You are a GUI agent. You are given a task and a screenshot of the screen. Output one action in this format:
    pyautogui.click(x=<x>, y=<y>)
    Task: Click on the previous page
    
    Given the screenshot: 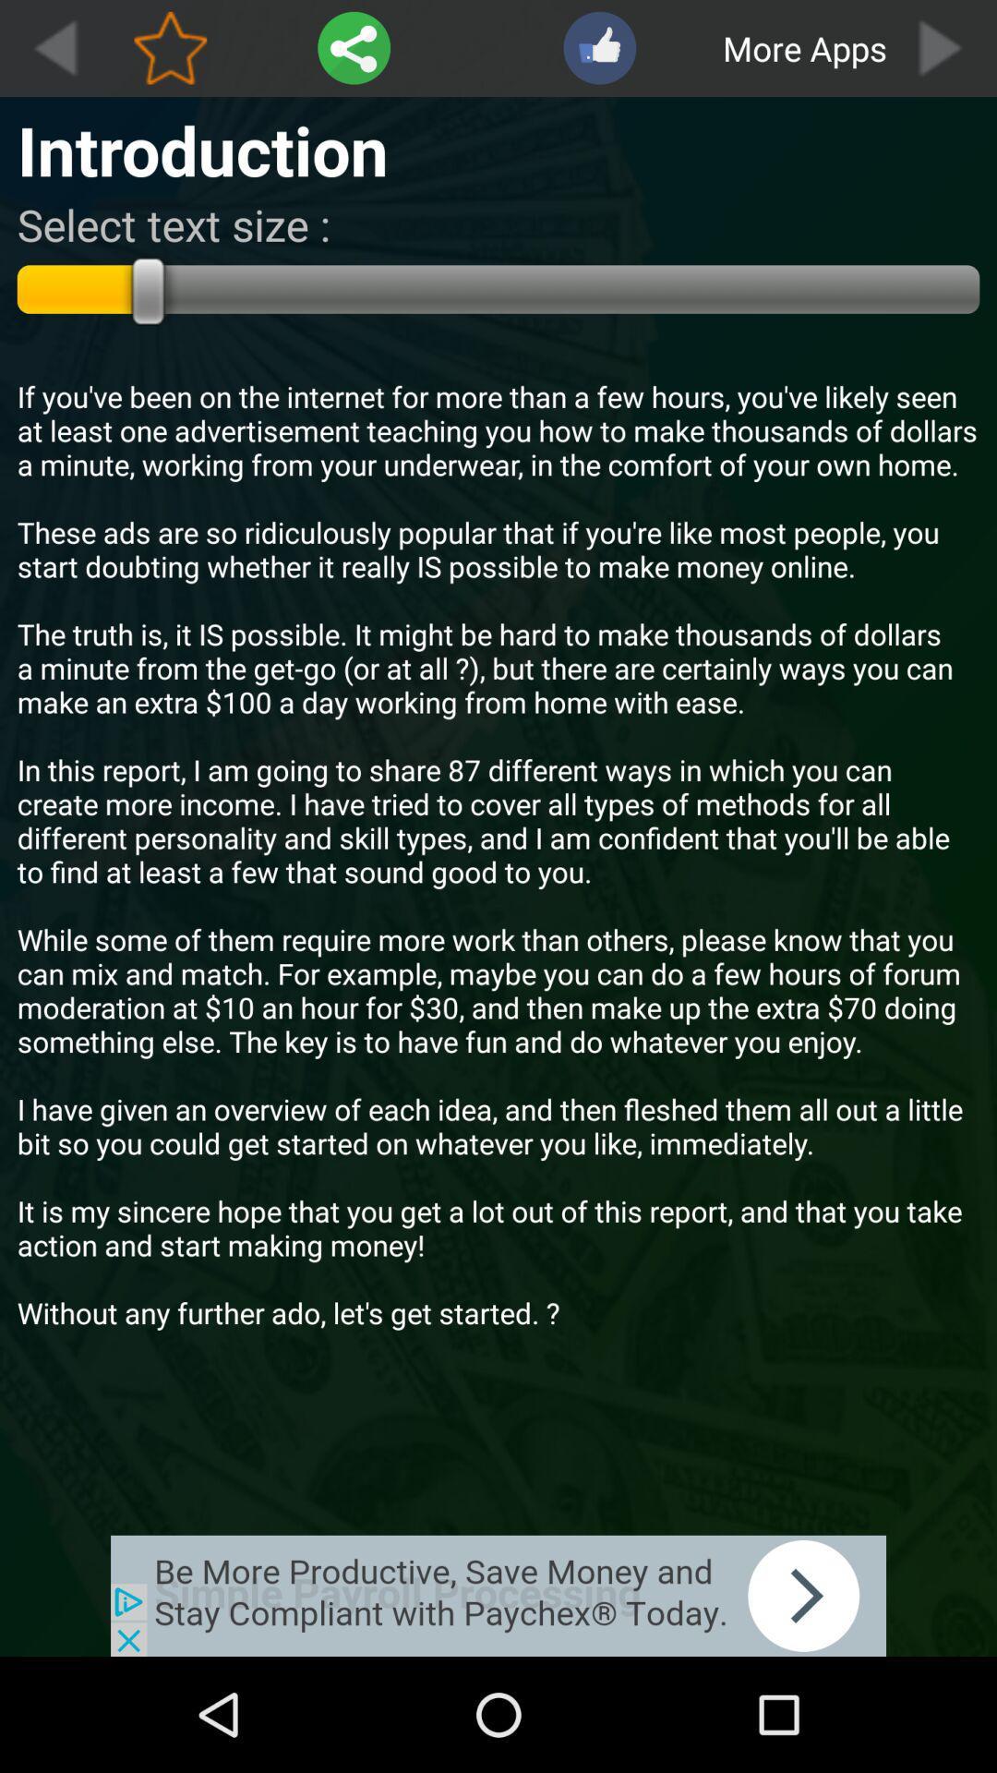 What is the action you would take?
    pyautogui.click(x=54, y=48)
    